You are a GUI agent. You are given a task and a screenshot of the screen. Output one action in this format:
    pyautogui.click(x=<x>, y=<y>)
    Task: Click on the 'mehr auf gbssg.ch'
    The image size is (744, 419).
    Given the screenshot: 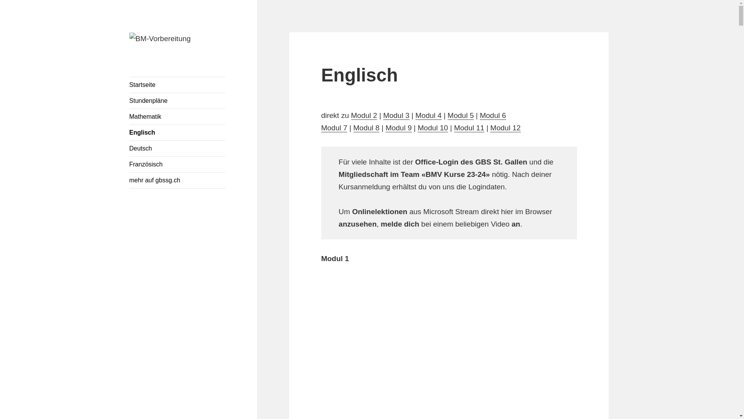 What is the action you would take?
    pyautogui.click(x=177, y=180)
    